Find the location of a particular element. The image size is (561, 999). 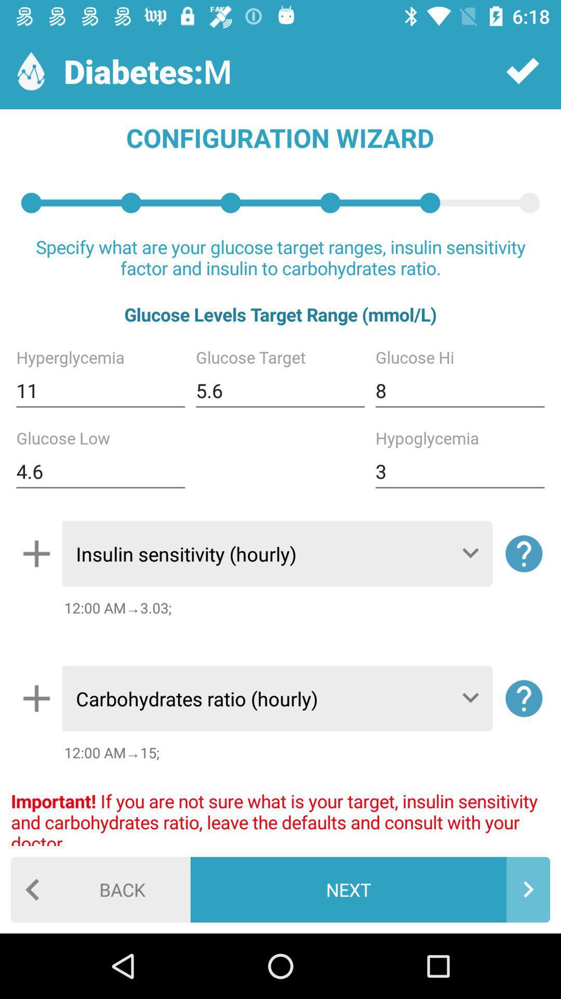

the back item is located at coordinates (100, 889).